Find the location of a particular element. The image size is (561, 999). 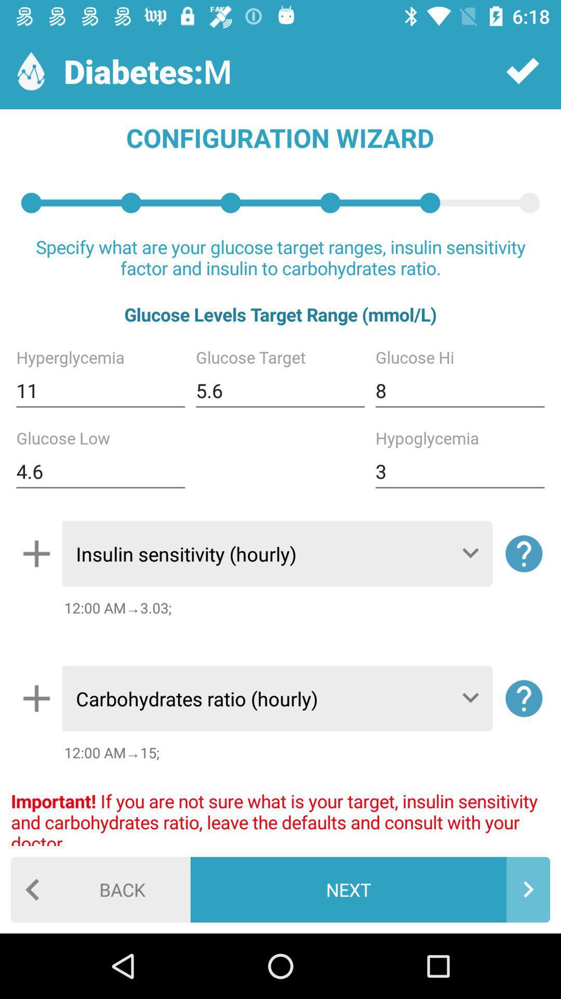

the back item is located at coordinates (100, 889).